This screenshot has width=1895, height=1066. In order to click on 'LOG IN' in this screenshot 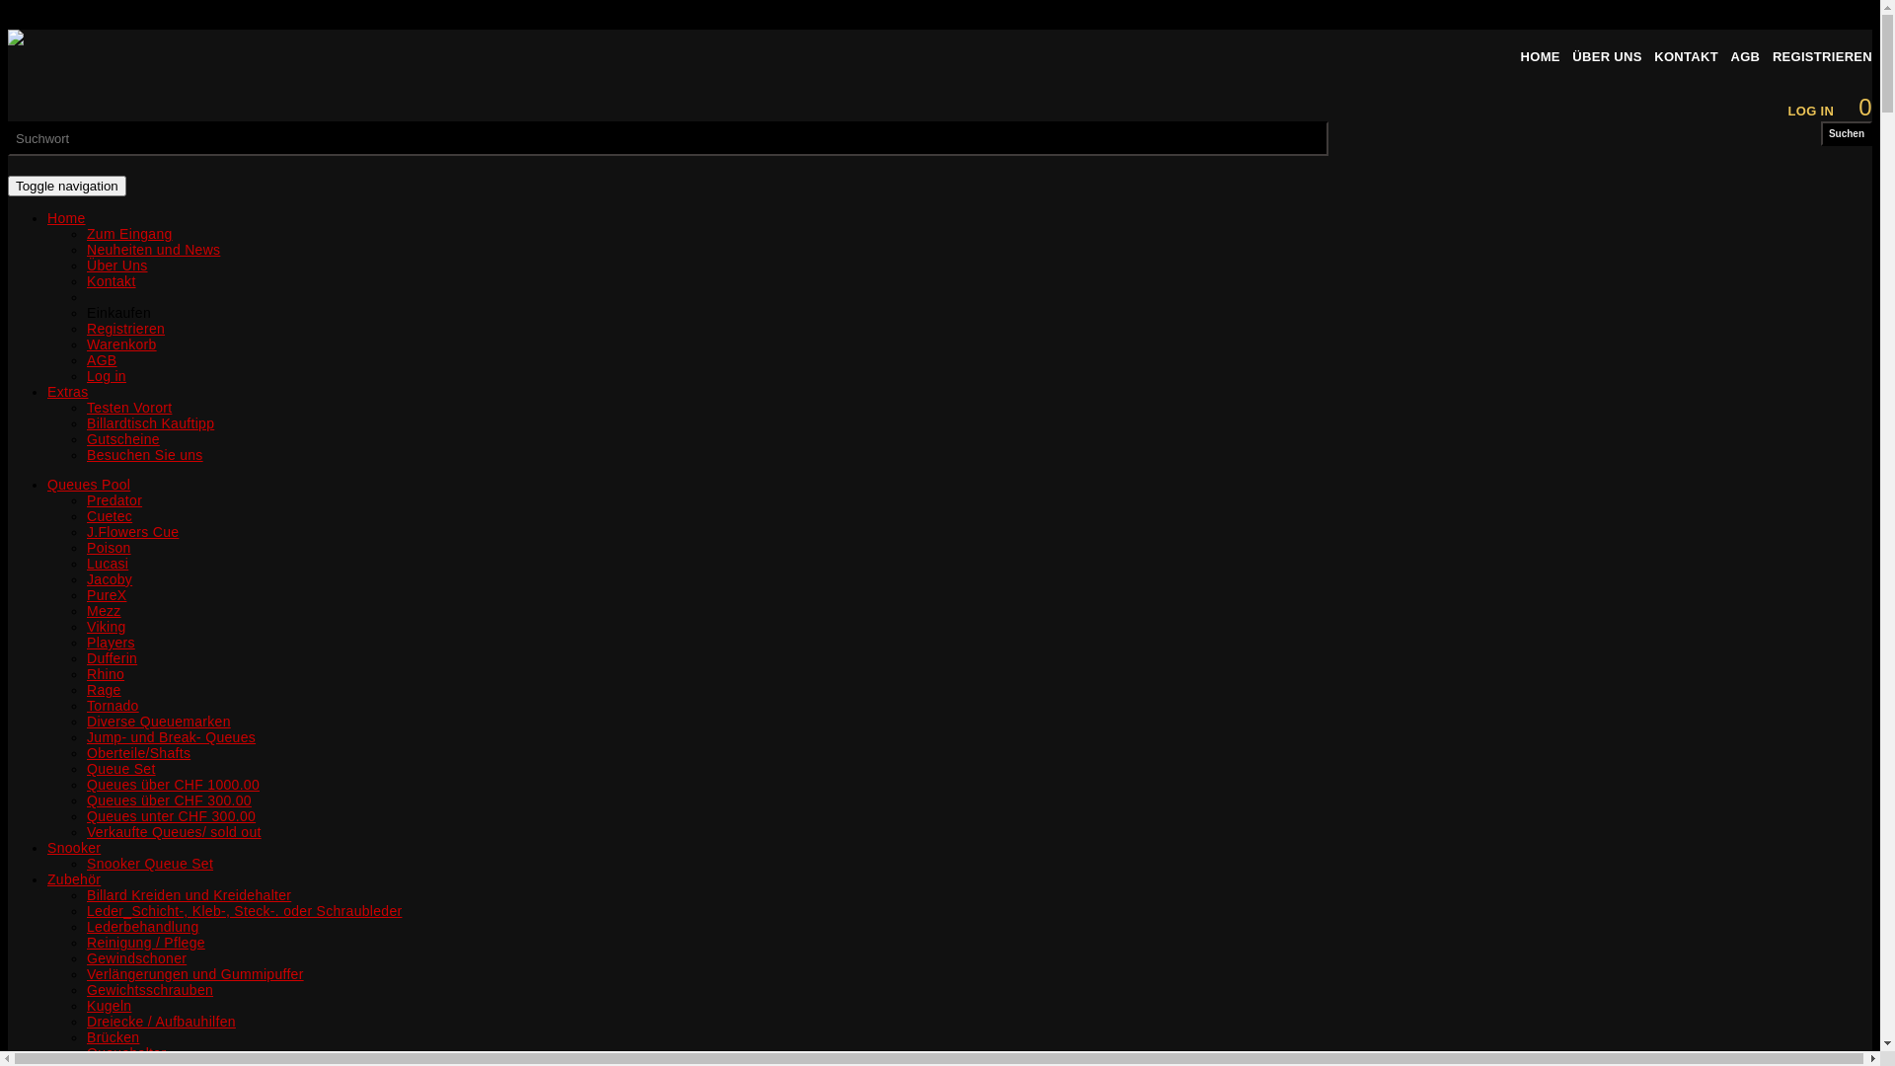, I will do `click(1811, 111)`.